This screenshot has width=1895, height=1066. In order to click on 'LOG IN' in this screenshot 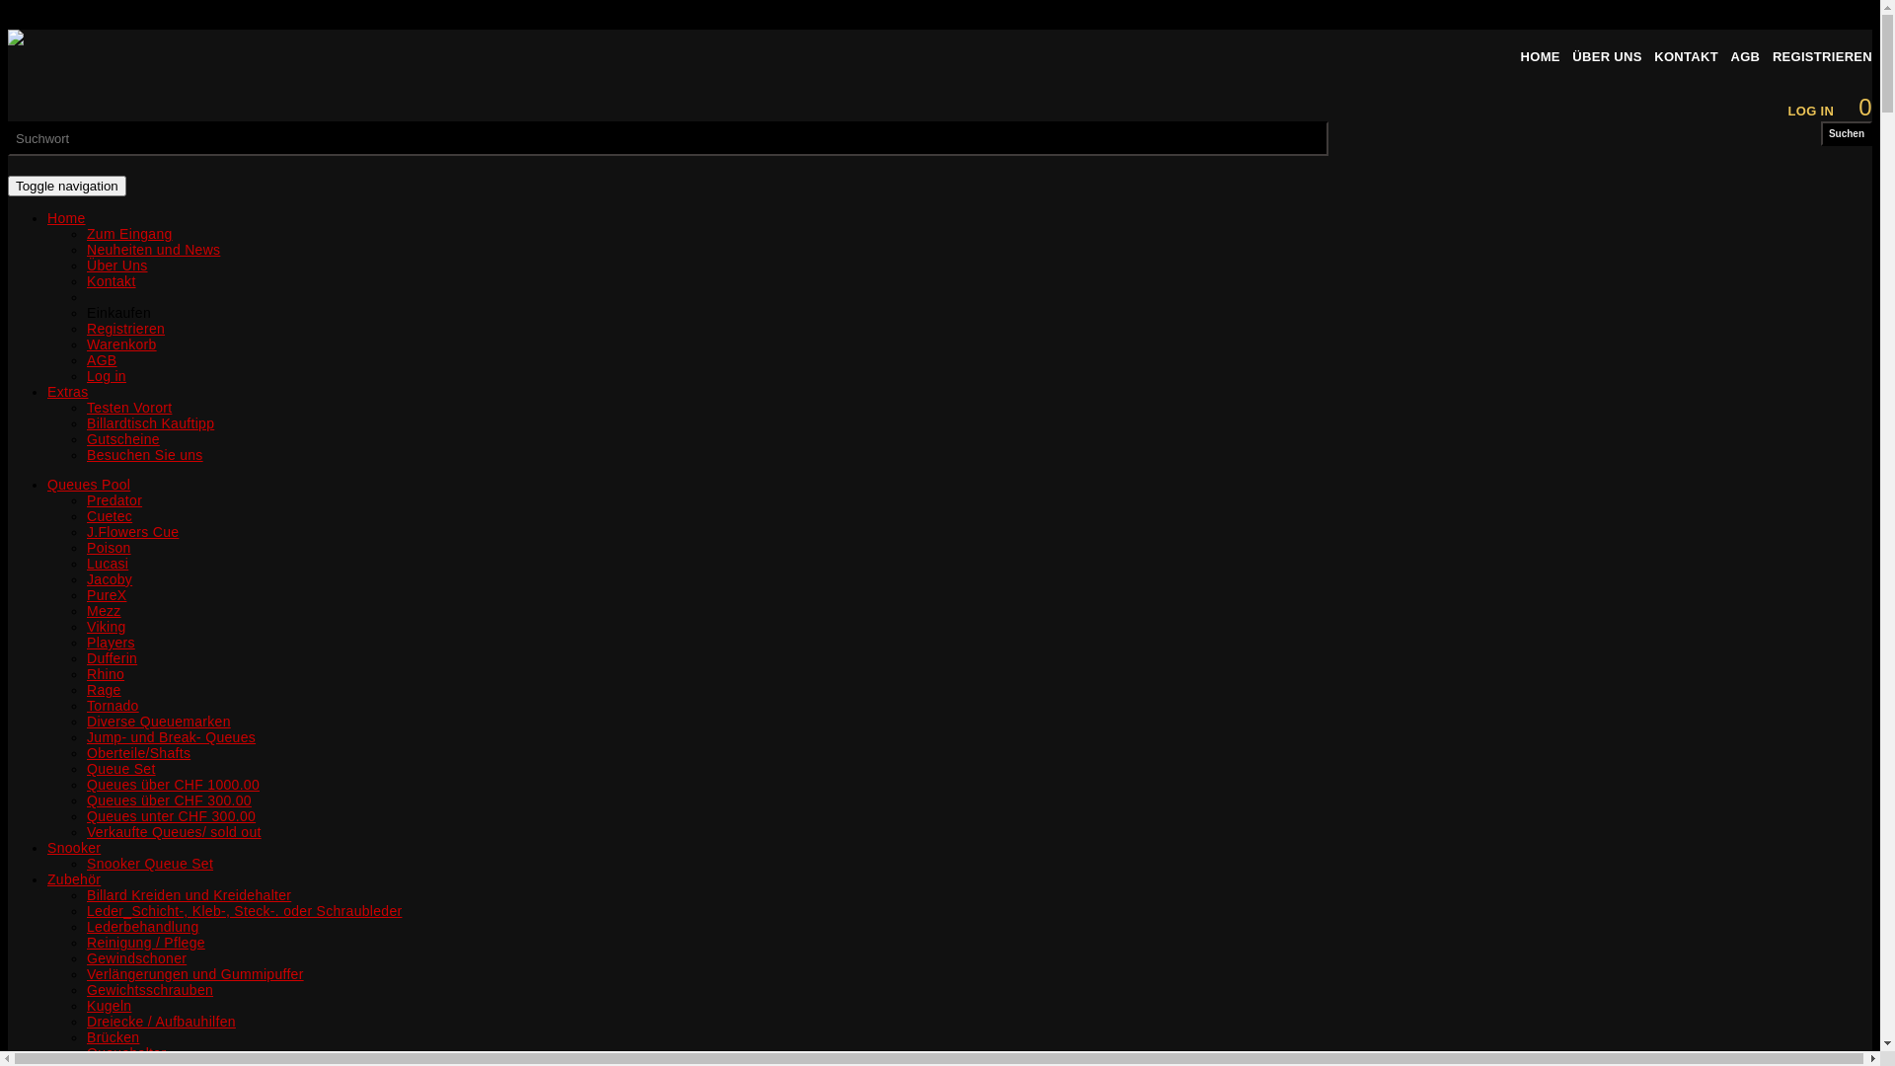, I will do `click(1811, 111)`.